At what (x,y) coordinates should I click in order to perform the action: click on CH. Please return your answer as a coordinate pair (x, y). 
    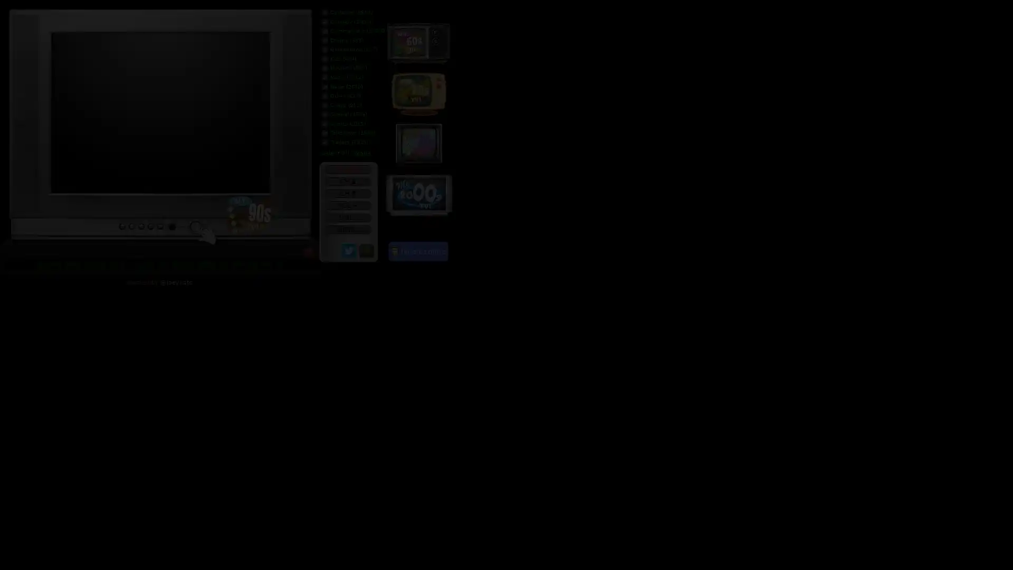
    Looking at the image, I should click on (347, 193).